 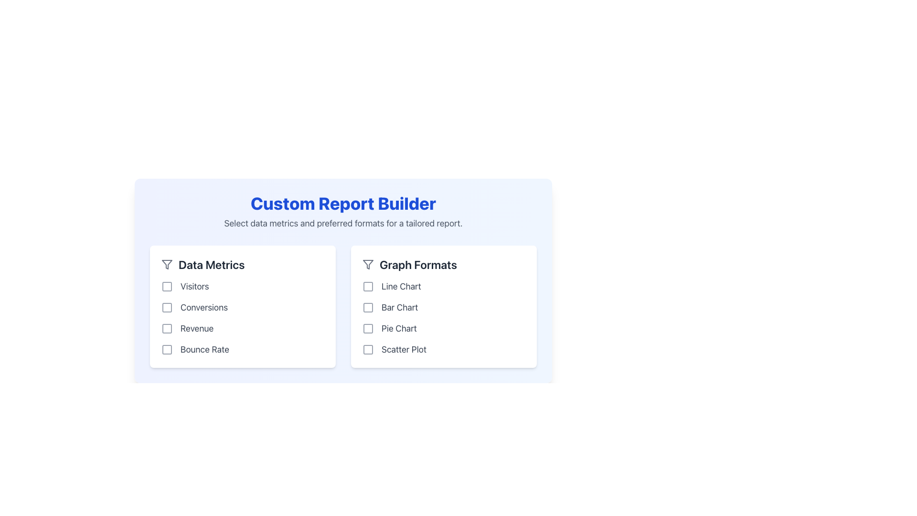 I want to click on the first icon in the 'Graph Formats' section, so click(x=368, y=286).